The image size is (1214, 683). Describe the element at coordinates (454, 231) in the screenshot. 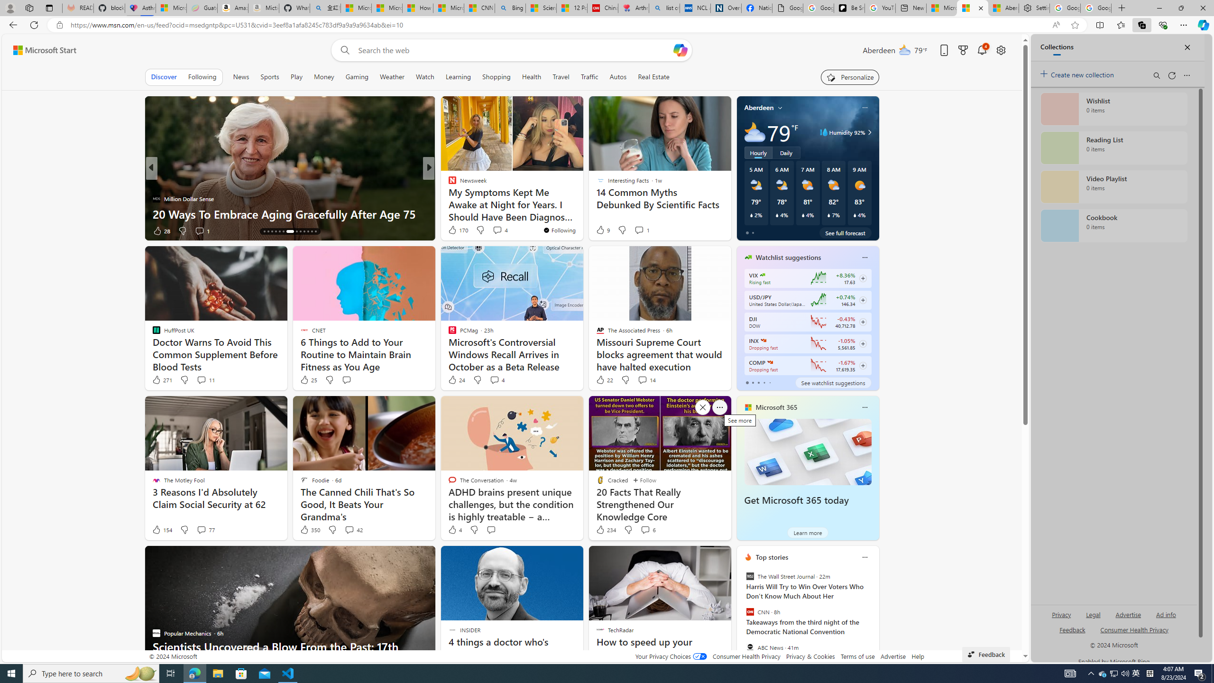

I see `'236 Like'` at that location.